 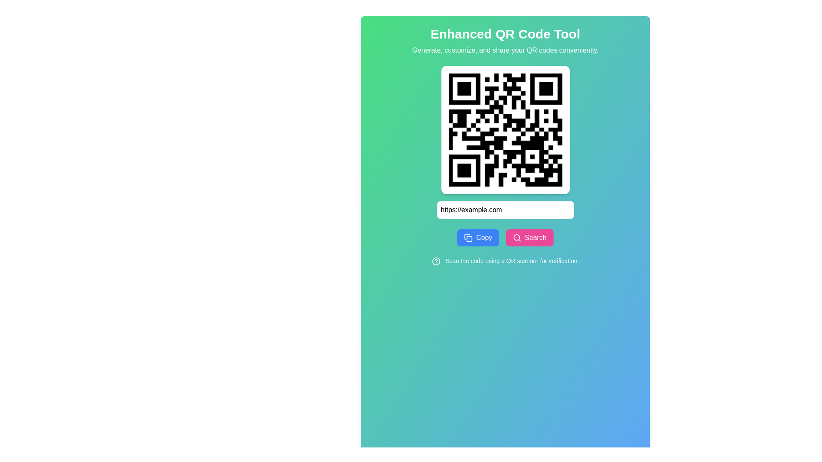 What do you see at coordinates (505, 261) in the screenshot?
I see `the informational text label component that instructs users to scan a QR code for verification, located at the bottom center of the interface beneath the 'Copy' and 'Search' buttons` at bounding box center [505, 261].